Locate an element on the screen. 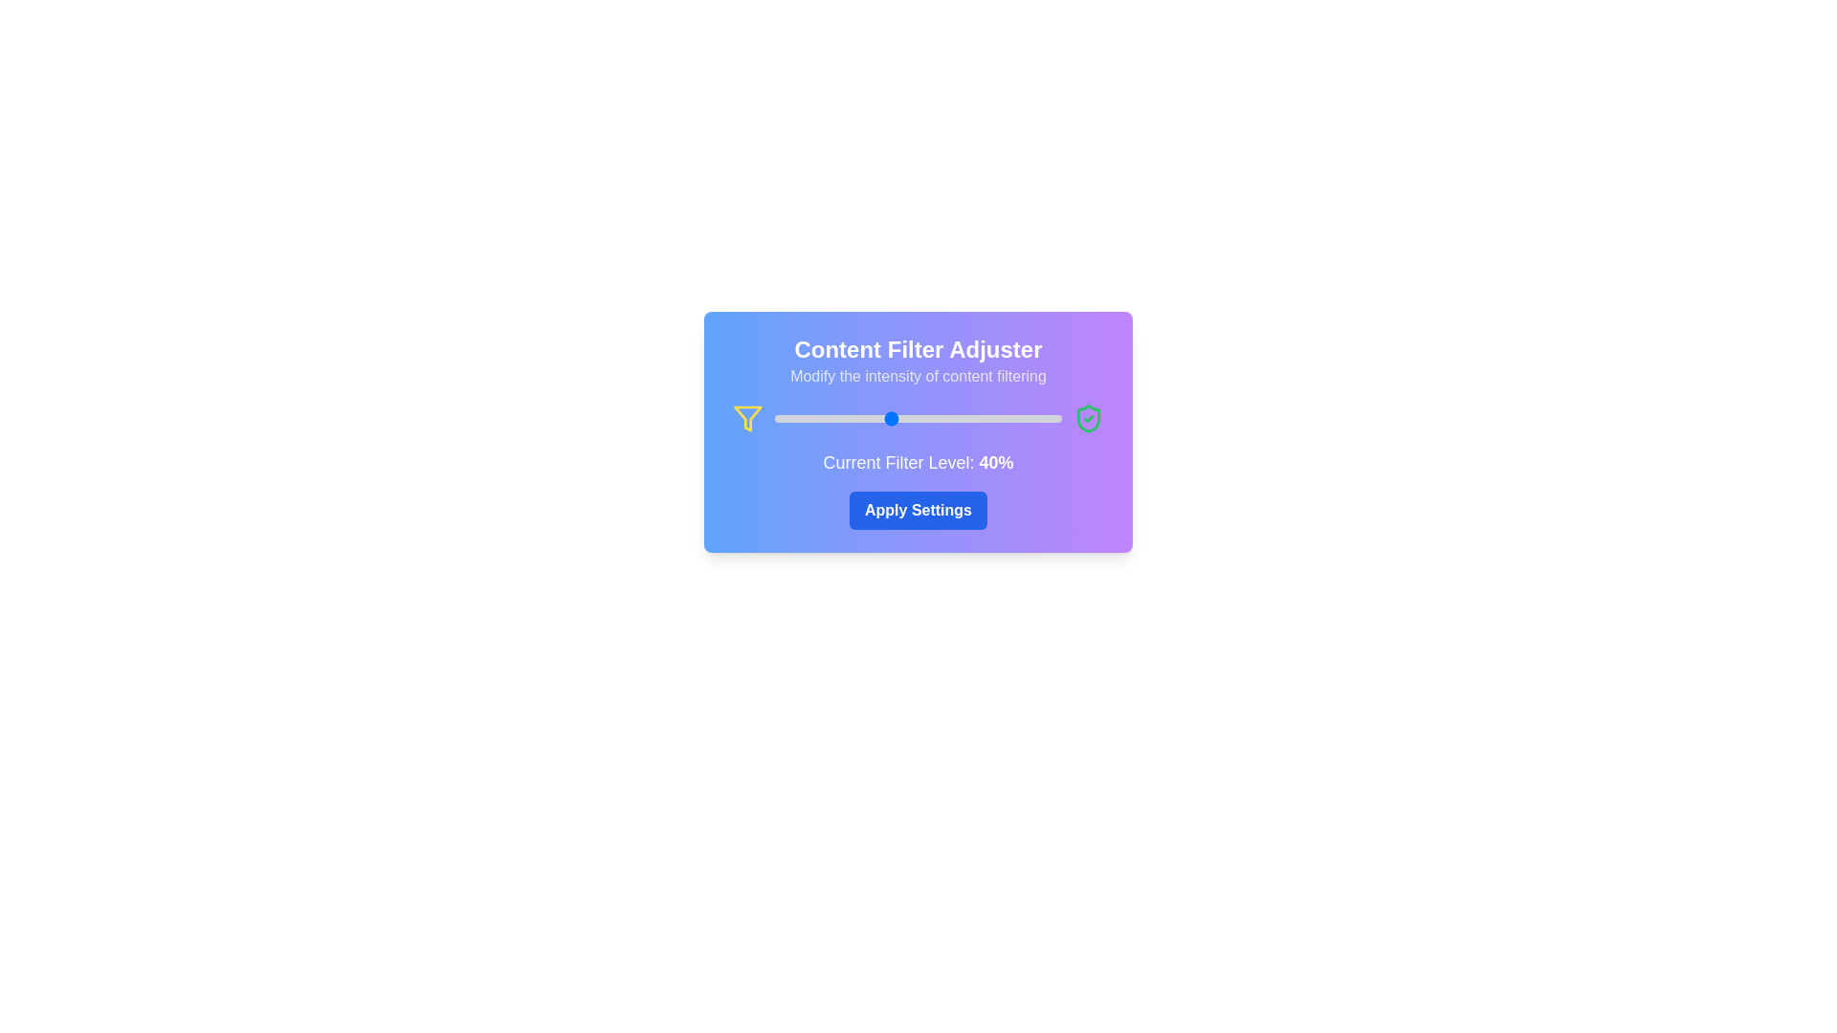 Image resolution: width=1837 pixels, height=1033 pixels. the slider to set the filter level to 87% is located at coordinates (1023, 418).